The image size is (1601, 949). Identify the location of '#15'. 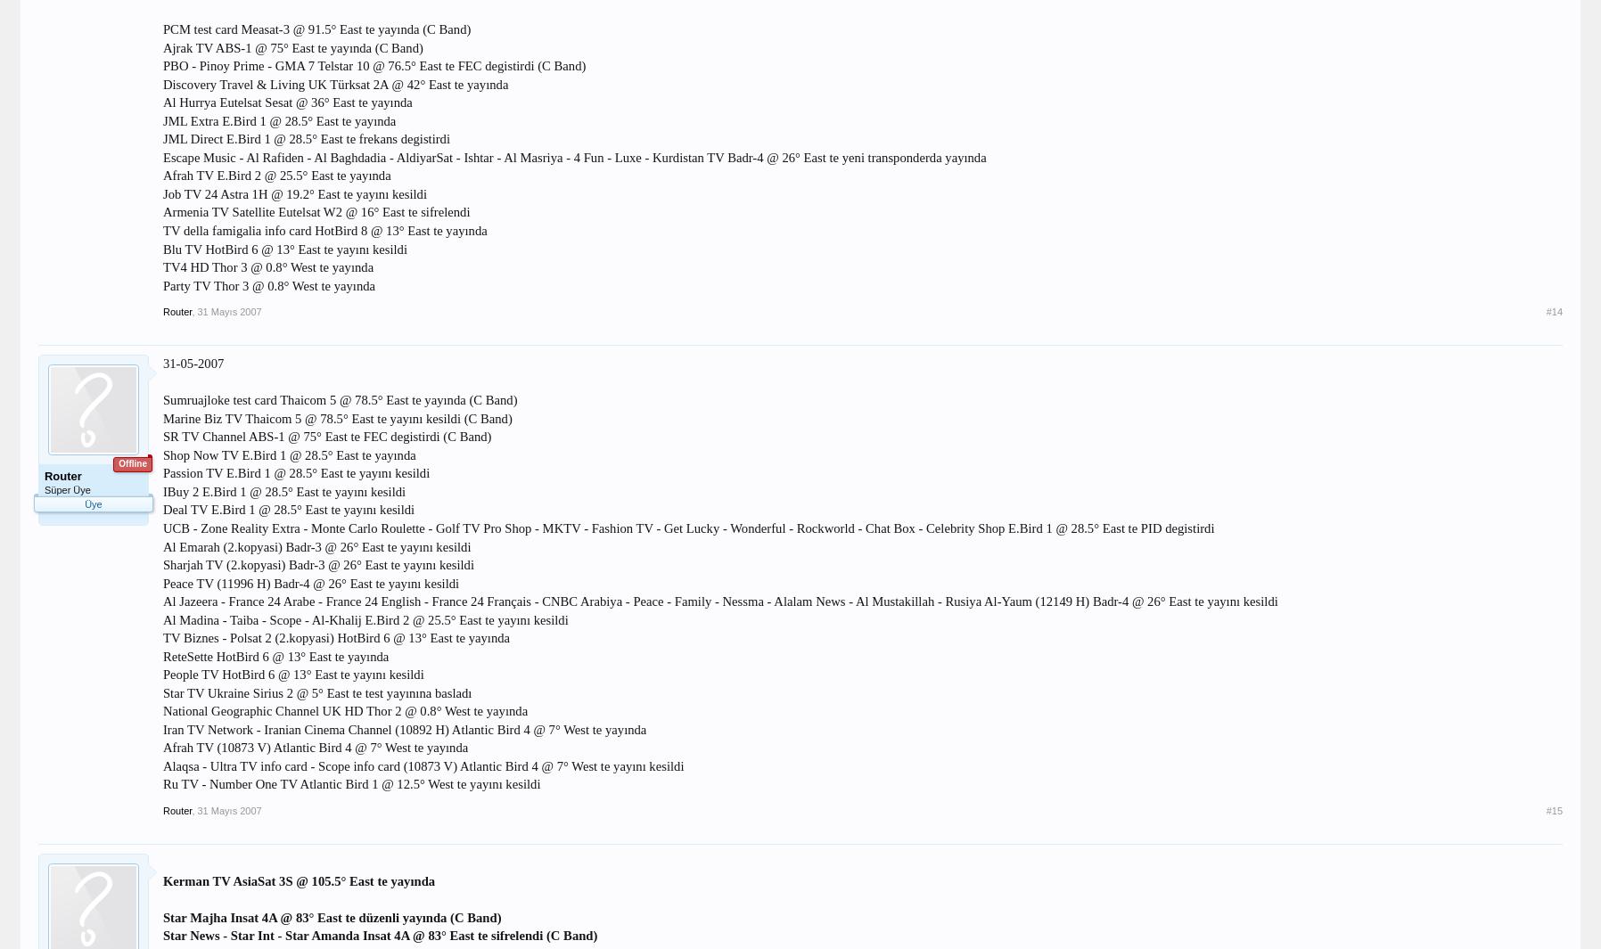
(1554, 809).